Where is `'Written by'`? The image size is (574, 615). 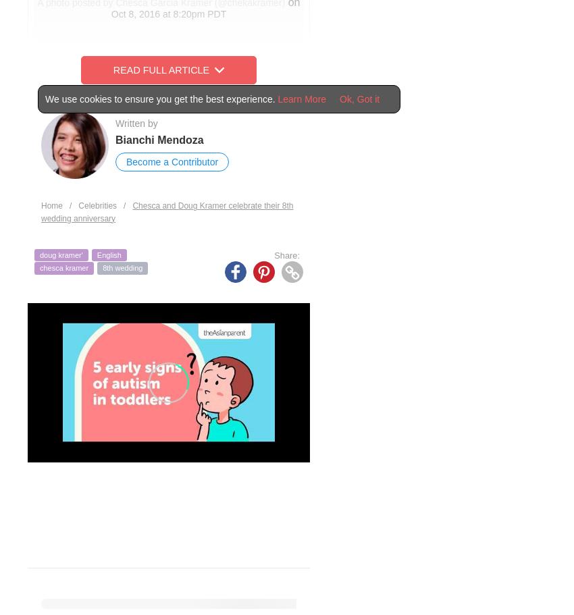 'Written by' is located at coordinates (135, 123).